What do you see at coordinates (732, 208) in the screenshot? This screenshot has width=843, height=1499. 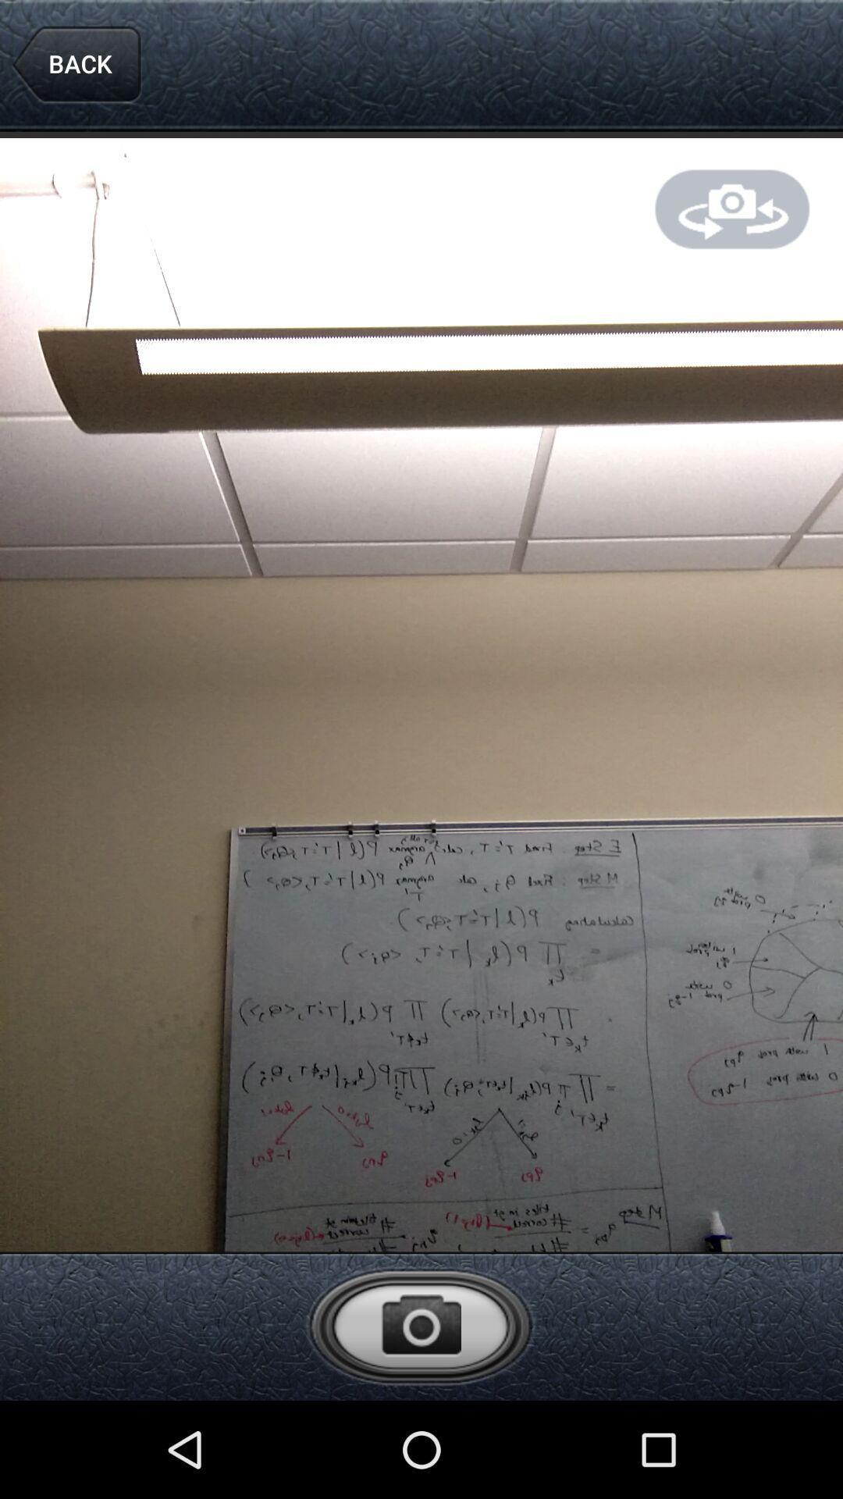 I see `rotate the picture clockwise` at bounding box center [732, 208].